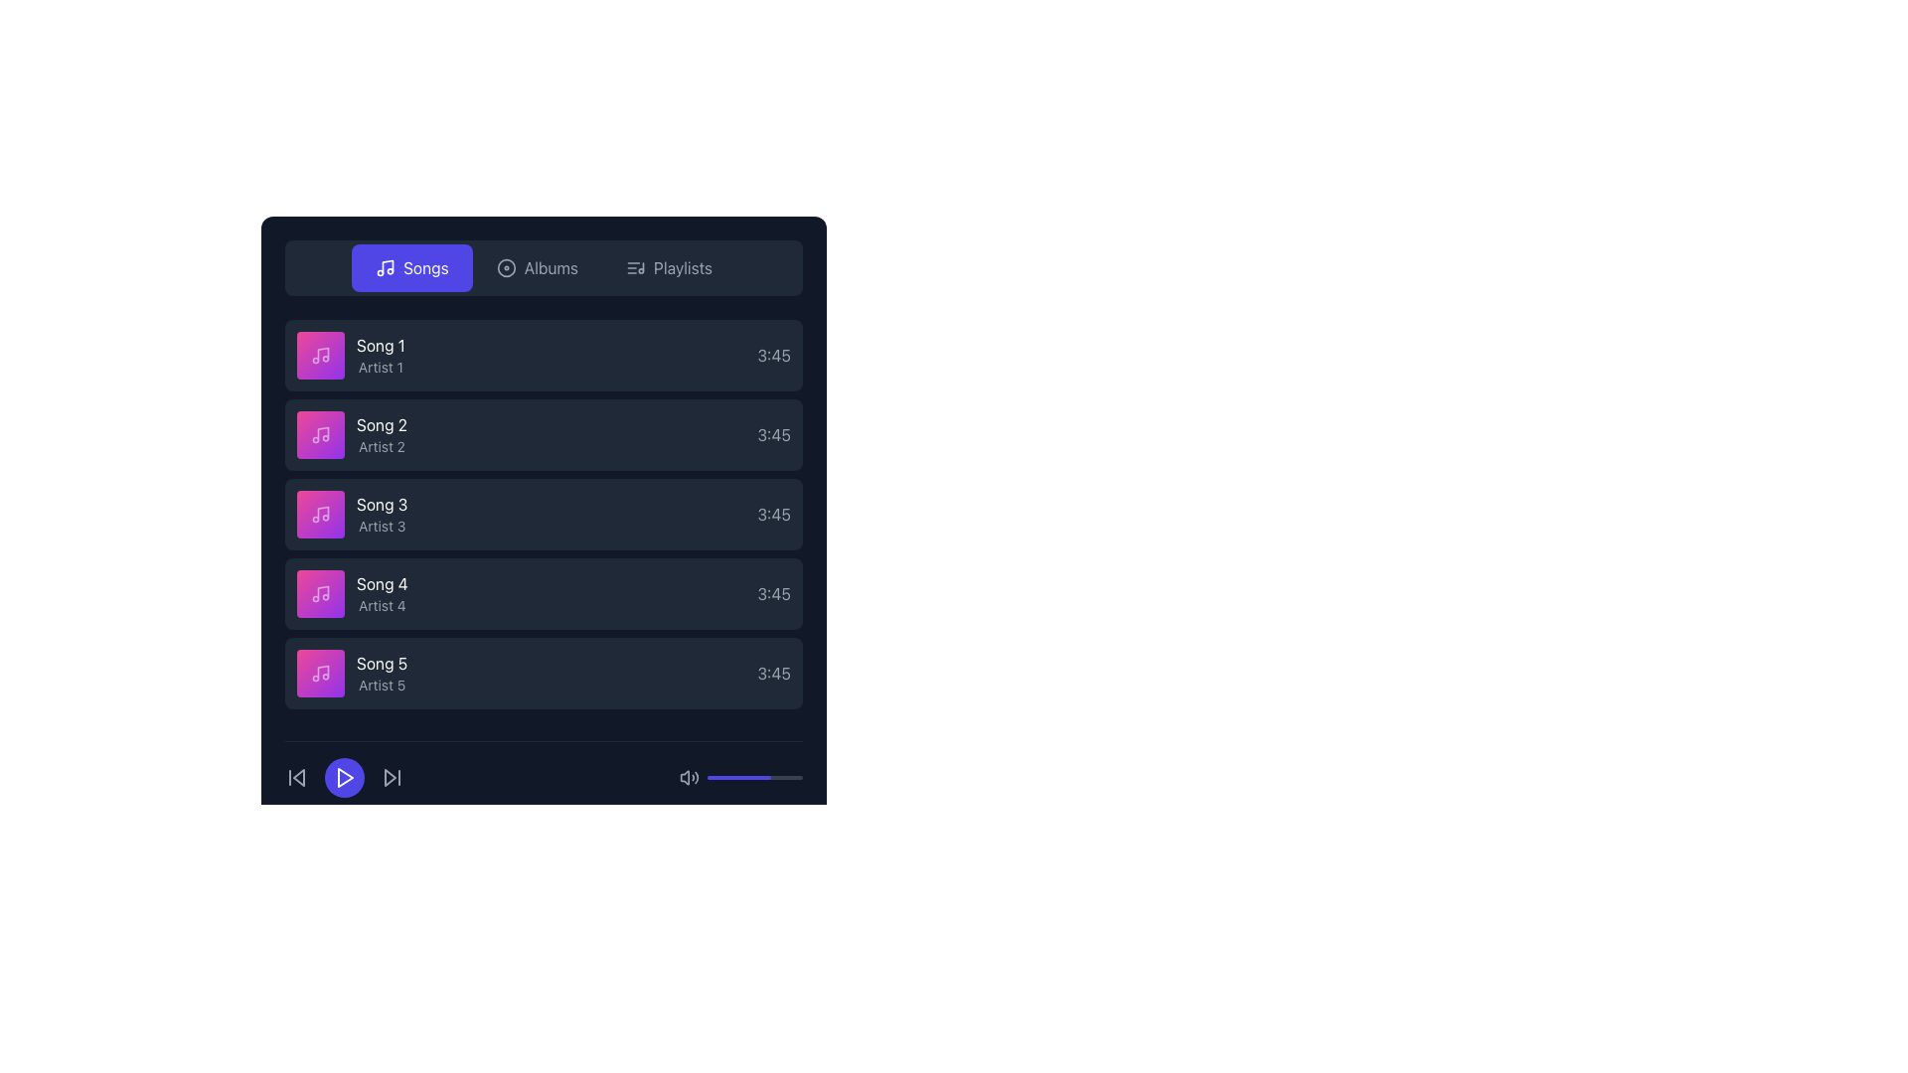 Image resolution: width=1908 pixels, height=1073 pixels. What do you see at coordinates (352, 673) in the screenshot?
I see `and drop the audio track item 'Song 5' by 'Artist 5'` at bounding box center [352, 673].